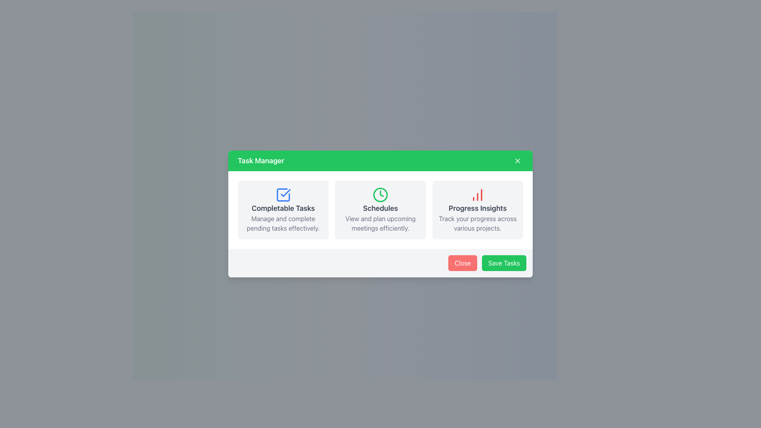  What do you see at coordinates (380, 223) in the screenshot?
I see `the text label that reads 'View and plan upcoming meetings efficiently.' which is positioned below the title 'Schedules' within a card layout` at bounding box center [380, 223].